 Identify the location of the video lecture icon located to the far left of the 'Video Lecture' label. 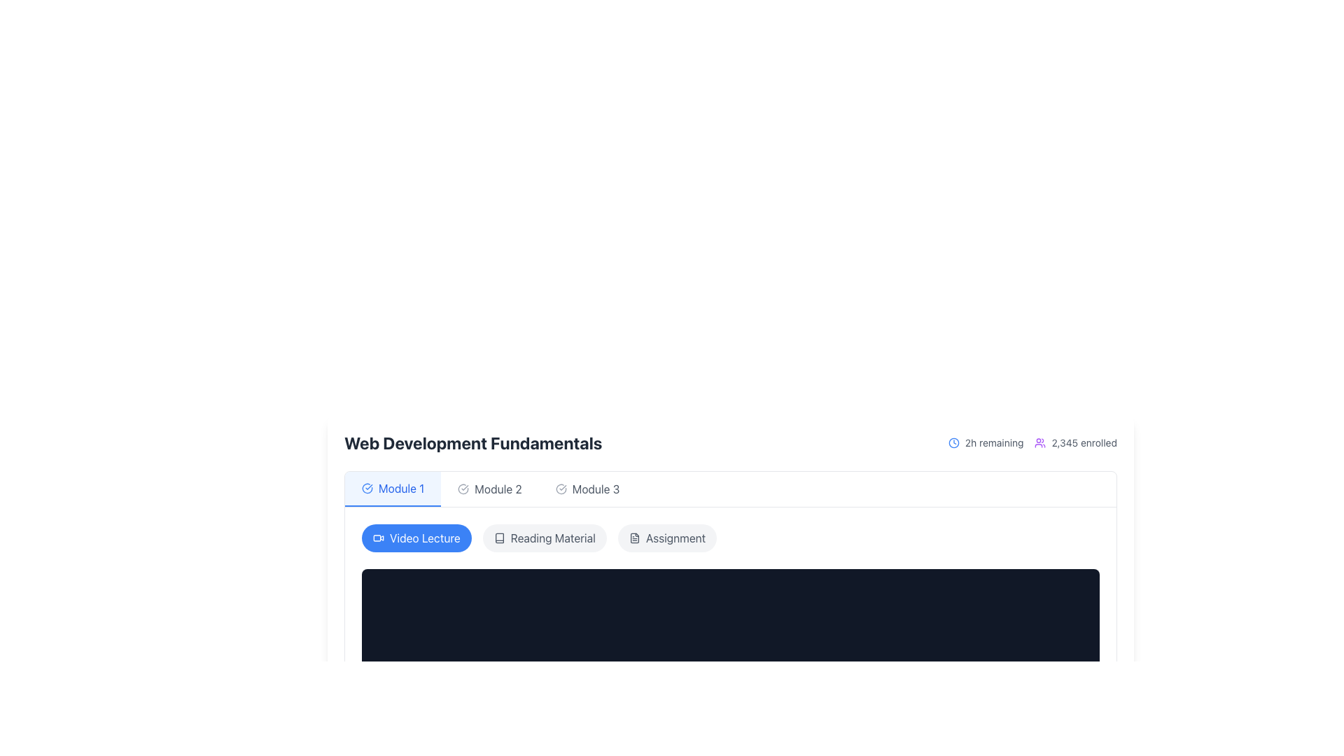
(379, 537).